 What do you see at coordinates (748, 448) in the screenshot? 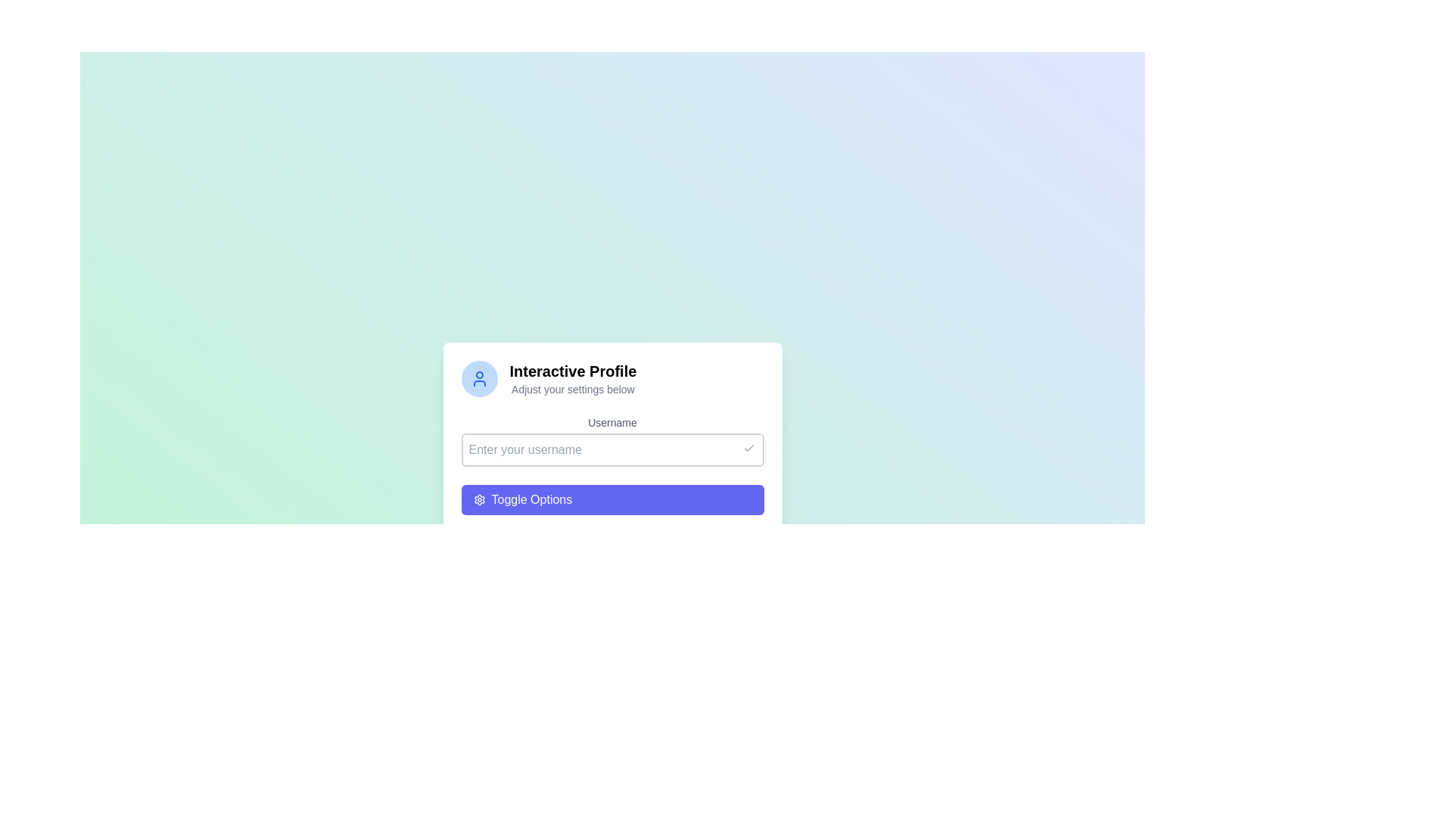
I see `the small gray checkmark SVG icon that is located to the right of the 'Username' input field` at bounding box center [748, 448].